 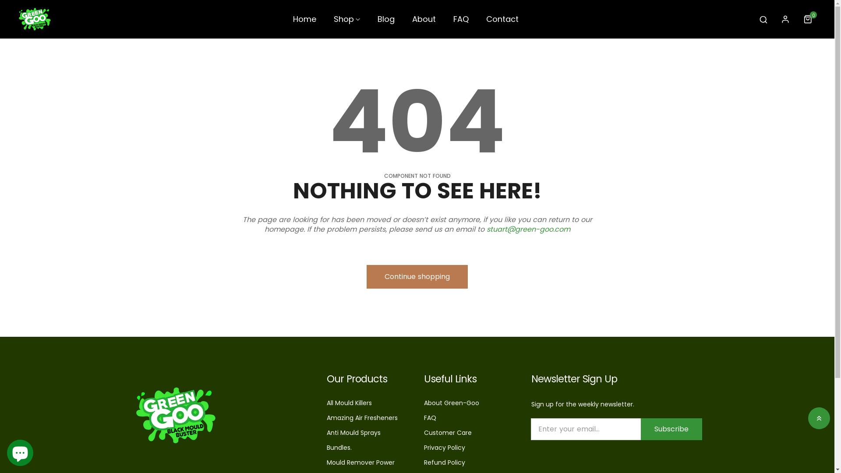 I want to click on 'Anti Mould Sprays', so click(x=326, y=432).